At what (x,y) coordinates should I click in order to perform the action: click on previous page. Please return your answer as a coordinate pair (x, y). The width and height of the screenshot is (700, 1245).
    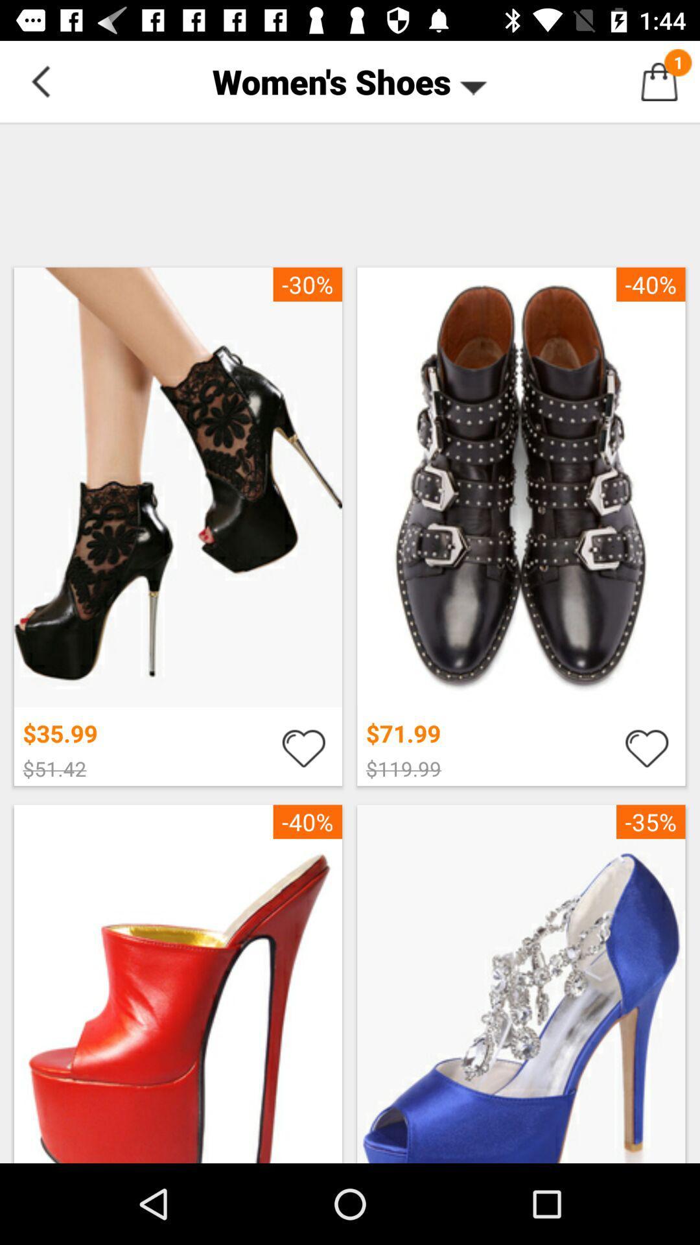
    Looking at the image, I should click on (40, 80).